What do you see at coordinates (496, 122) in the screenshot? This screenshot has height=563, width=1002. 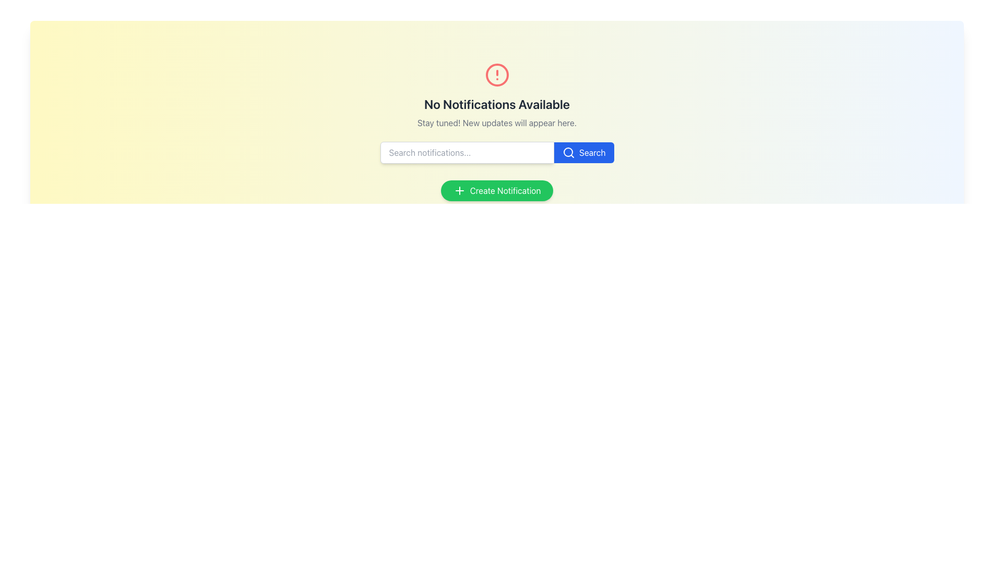 I see `the informational text label that indicates future updates will be displayed in this section, positioned beneath the 'No Notifications Available' message` at bounding box center [496, 122].